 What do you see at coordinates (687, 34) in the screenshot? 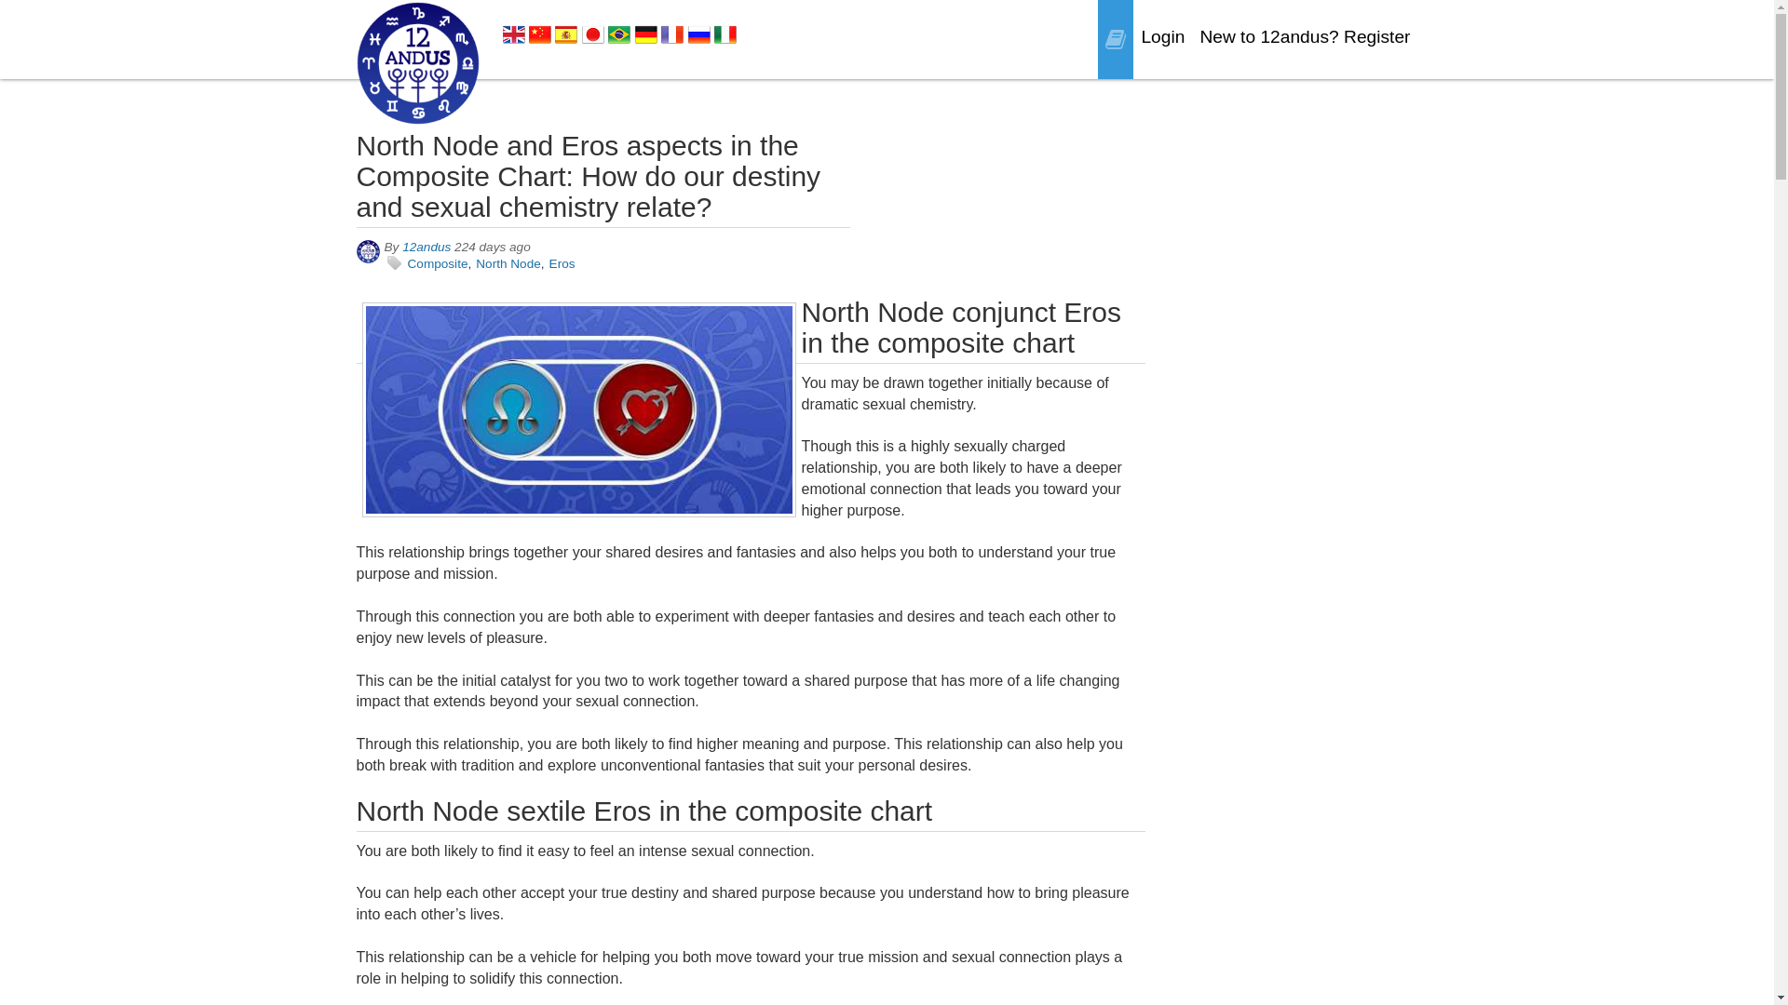
I see `'Russian'` at bounding box center [687, 34].